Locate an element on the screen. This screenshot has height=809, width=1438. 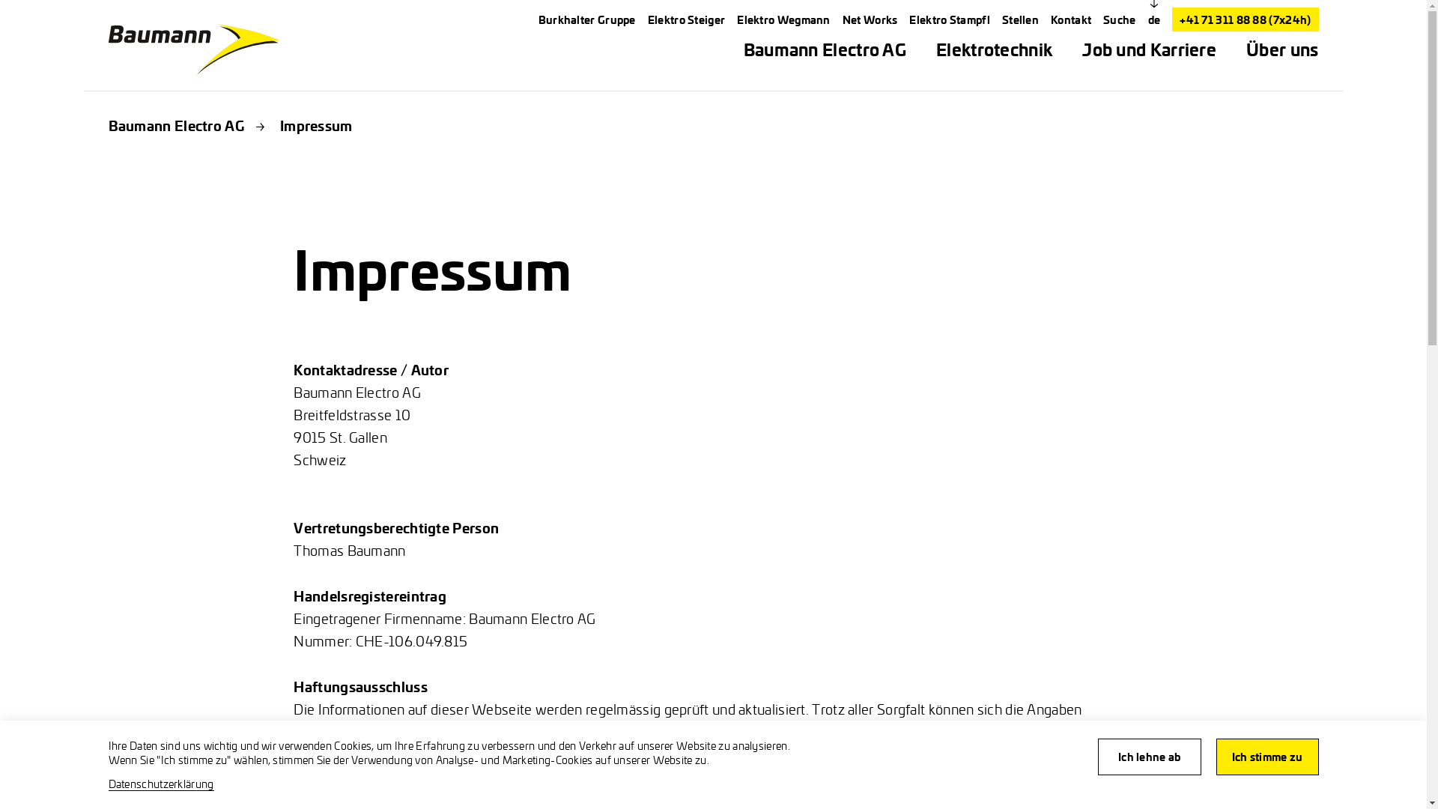
'Elektro Steiger' is located at coordinates (685, 19).